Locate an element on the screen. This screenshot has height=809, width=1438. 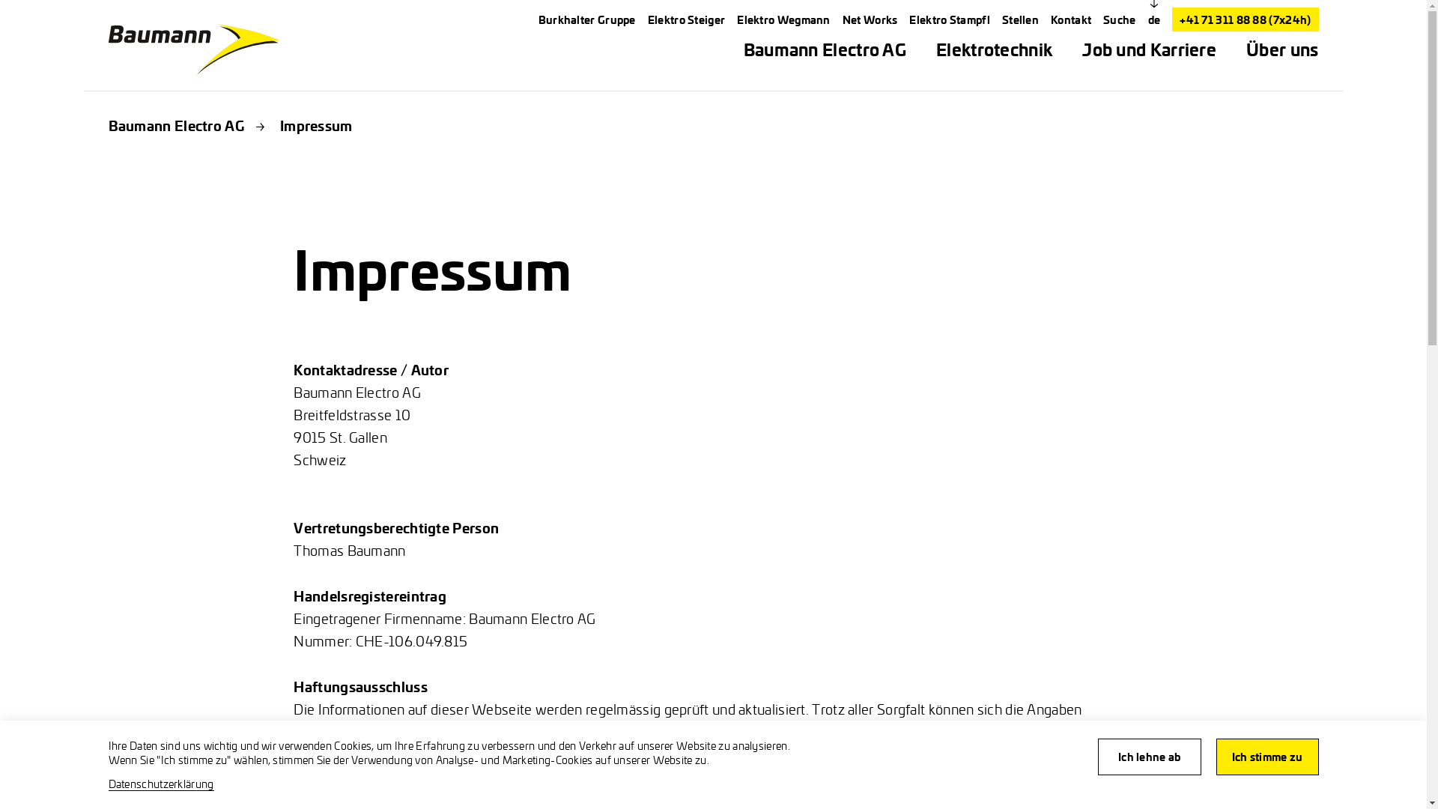
'Elektro Steiger' is located at coordinates (685, 19).